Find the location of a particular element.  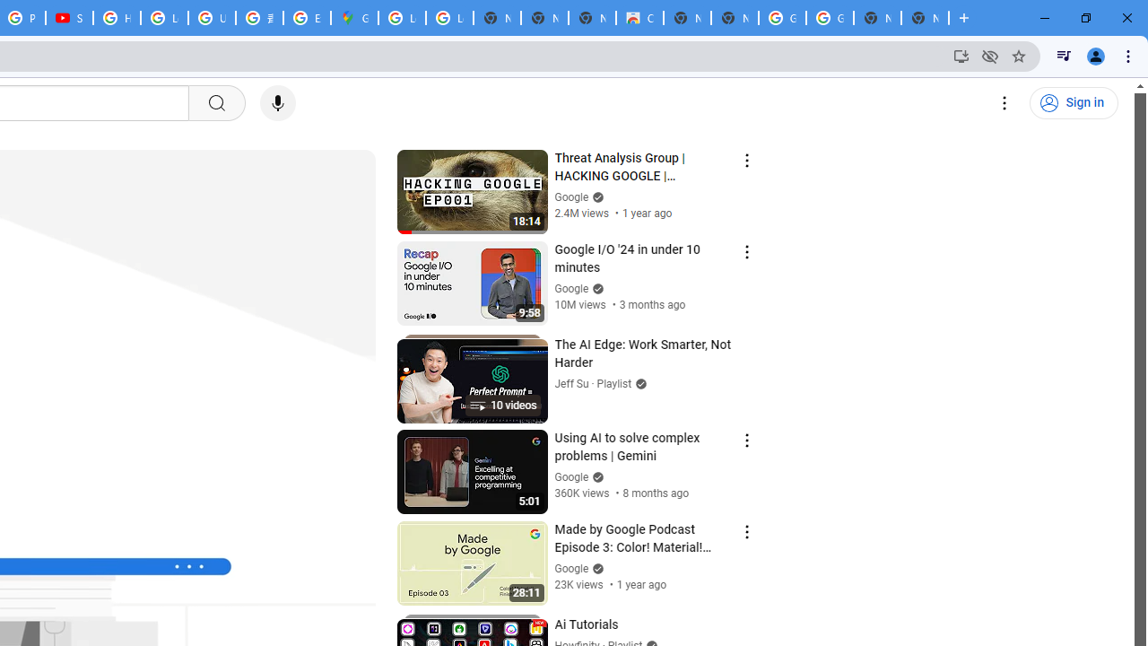

'Chrome Web Store' is located at coordinates (639, 18).